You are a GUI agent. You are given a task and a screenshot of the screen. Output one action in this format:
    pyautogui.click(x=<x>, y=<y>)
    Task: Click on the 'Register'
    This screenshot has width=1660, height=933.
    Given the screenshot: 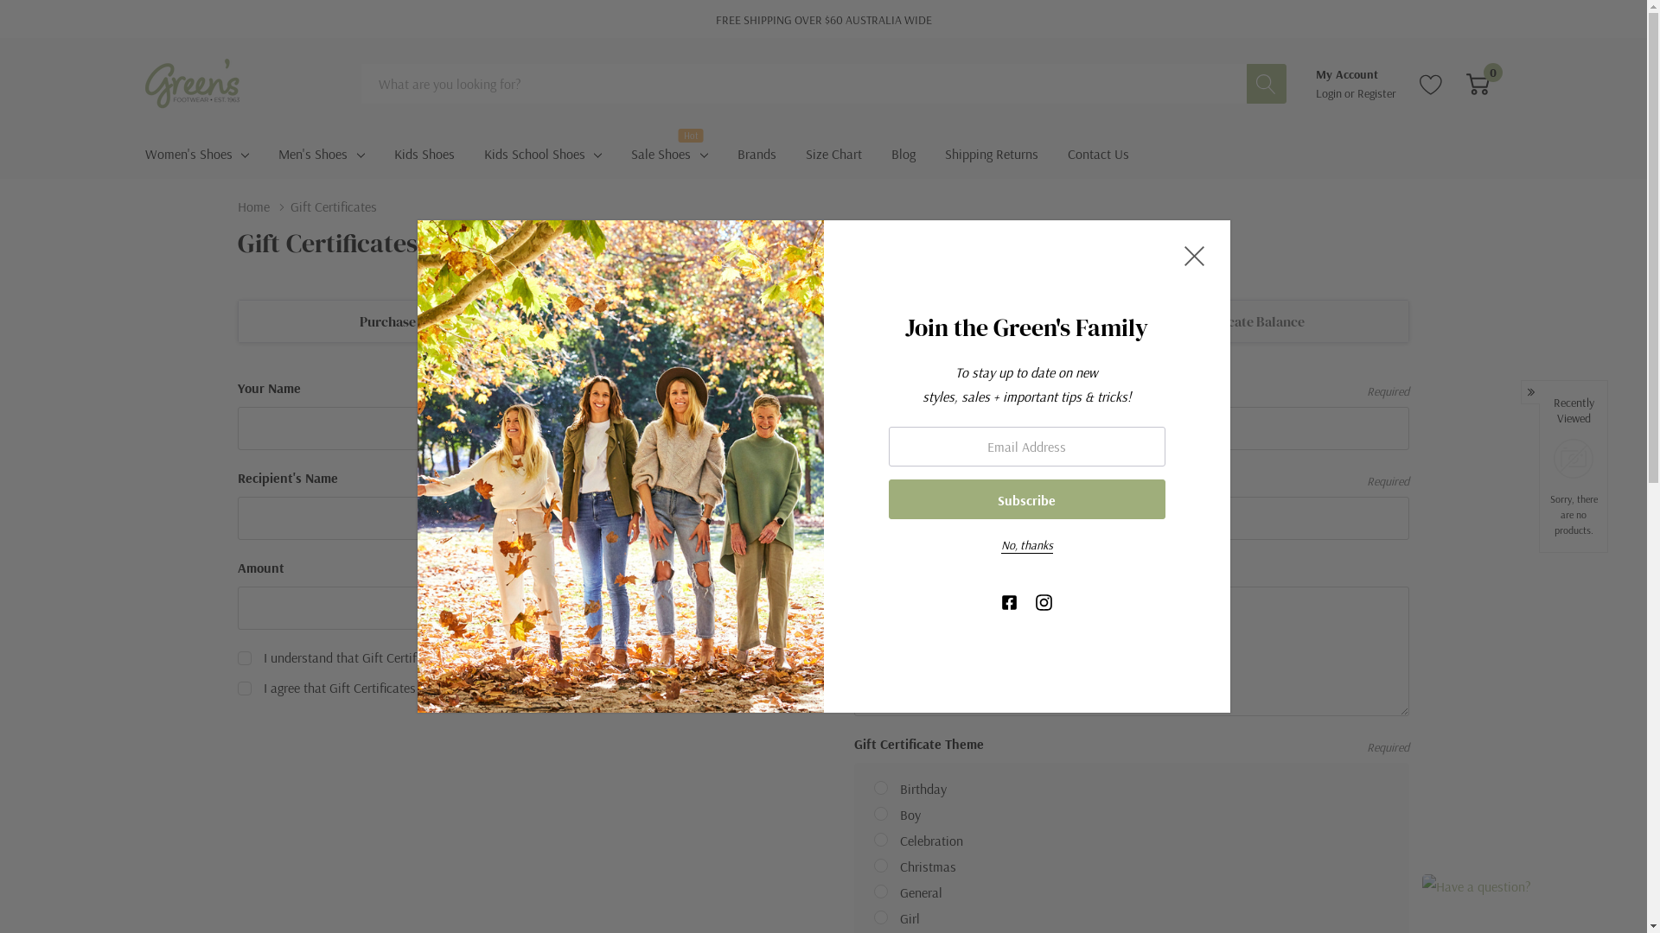 What is the action you would take?
    pyautogui.click(x=1376, y=92)
    